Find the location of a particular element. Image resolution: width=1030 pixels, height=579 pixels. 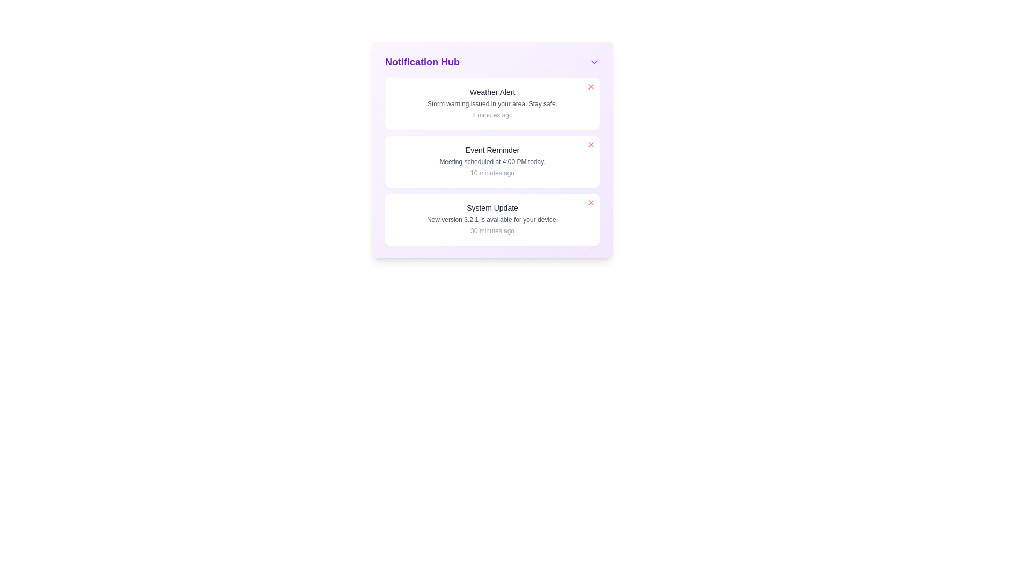

light gray text label stating '30 minutes ago' located at the bottom right of the third notification card in the list, under the title 'System Update' is located at coordinates (491, 231).